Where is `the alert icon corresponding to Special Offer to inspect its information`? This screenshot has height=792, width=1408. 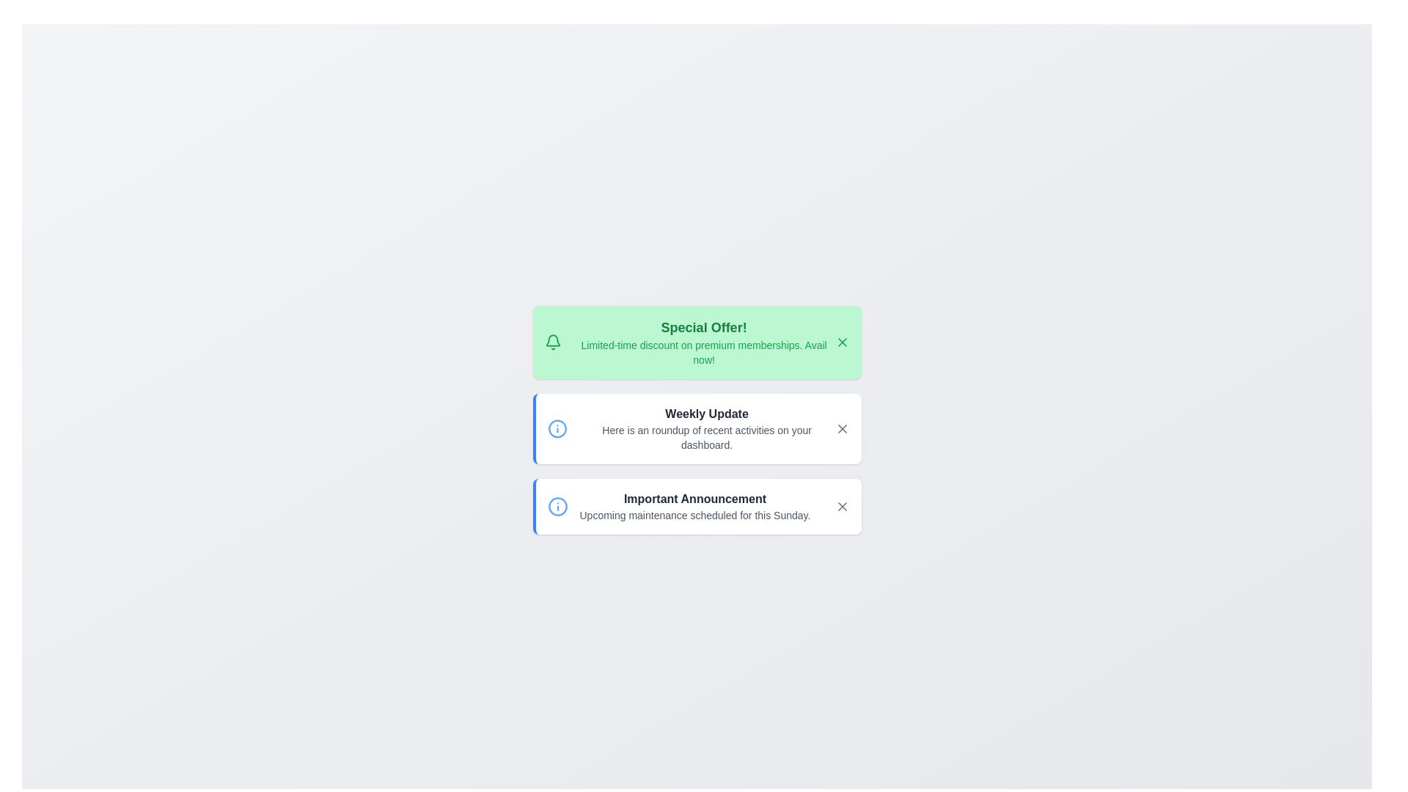 the alert icon corresponding to Special Offer to inspect its information is located at coordinates (552, 342).